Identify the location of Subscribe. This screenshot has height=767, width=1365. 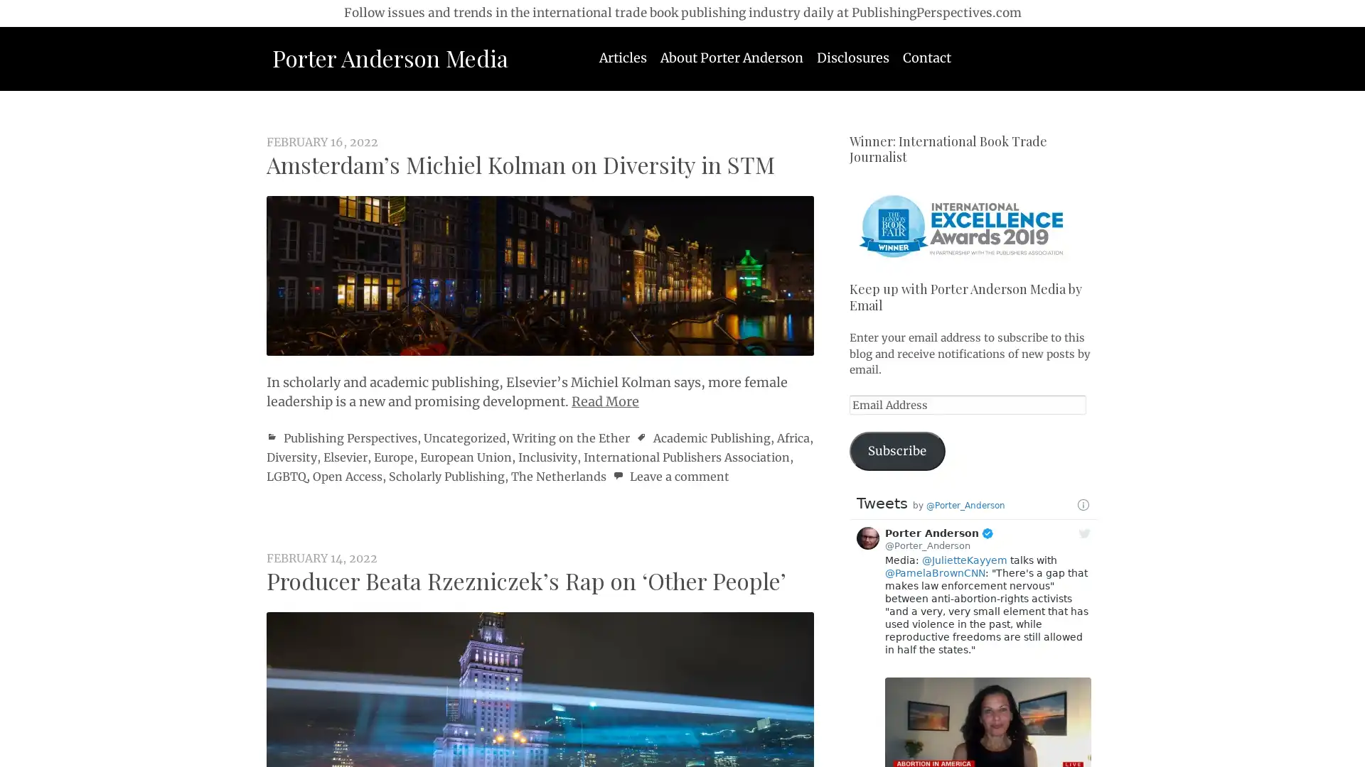
(896, 451).